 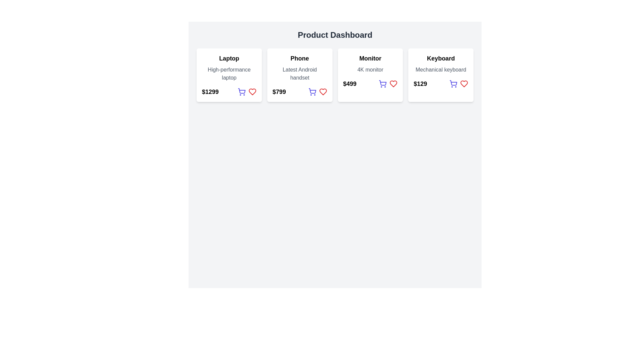 I want to click on the heart-shaped icon located as the fourth icon in the row under the price text of the 'Monitor' product card to mark the product as a favorite, so click(x=394, y=83).